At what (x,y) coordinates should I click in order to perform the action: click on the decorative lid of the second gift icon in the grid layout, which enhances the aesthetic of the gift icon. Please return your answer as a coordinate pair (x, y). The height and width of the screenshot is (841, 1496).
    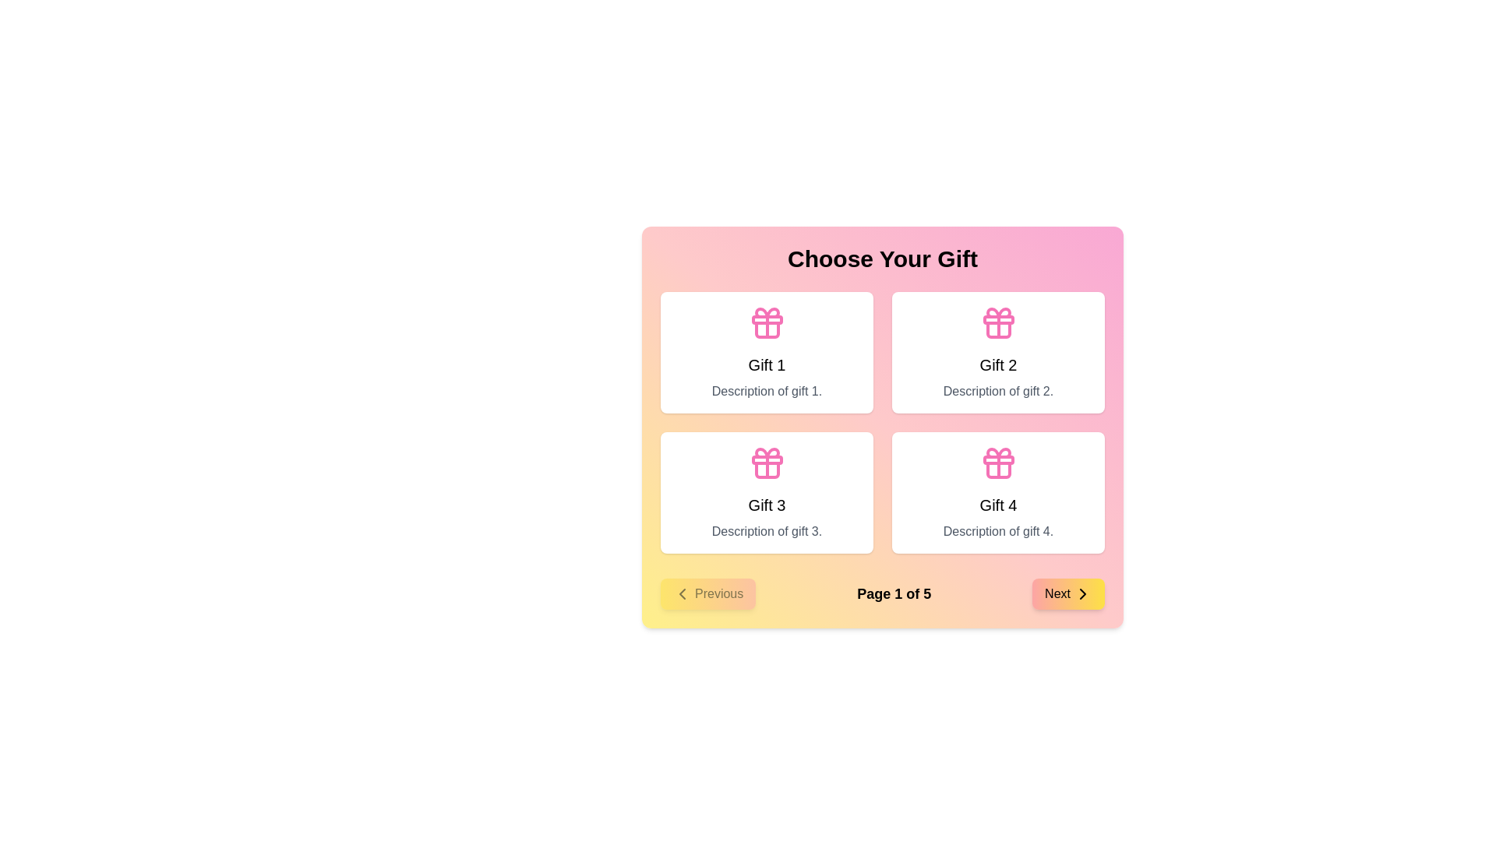
    Looking at the image, I should click on (998, 319).